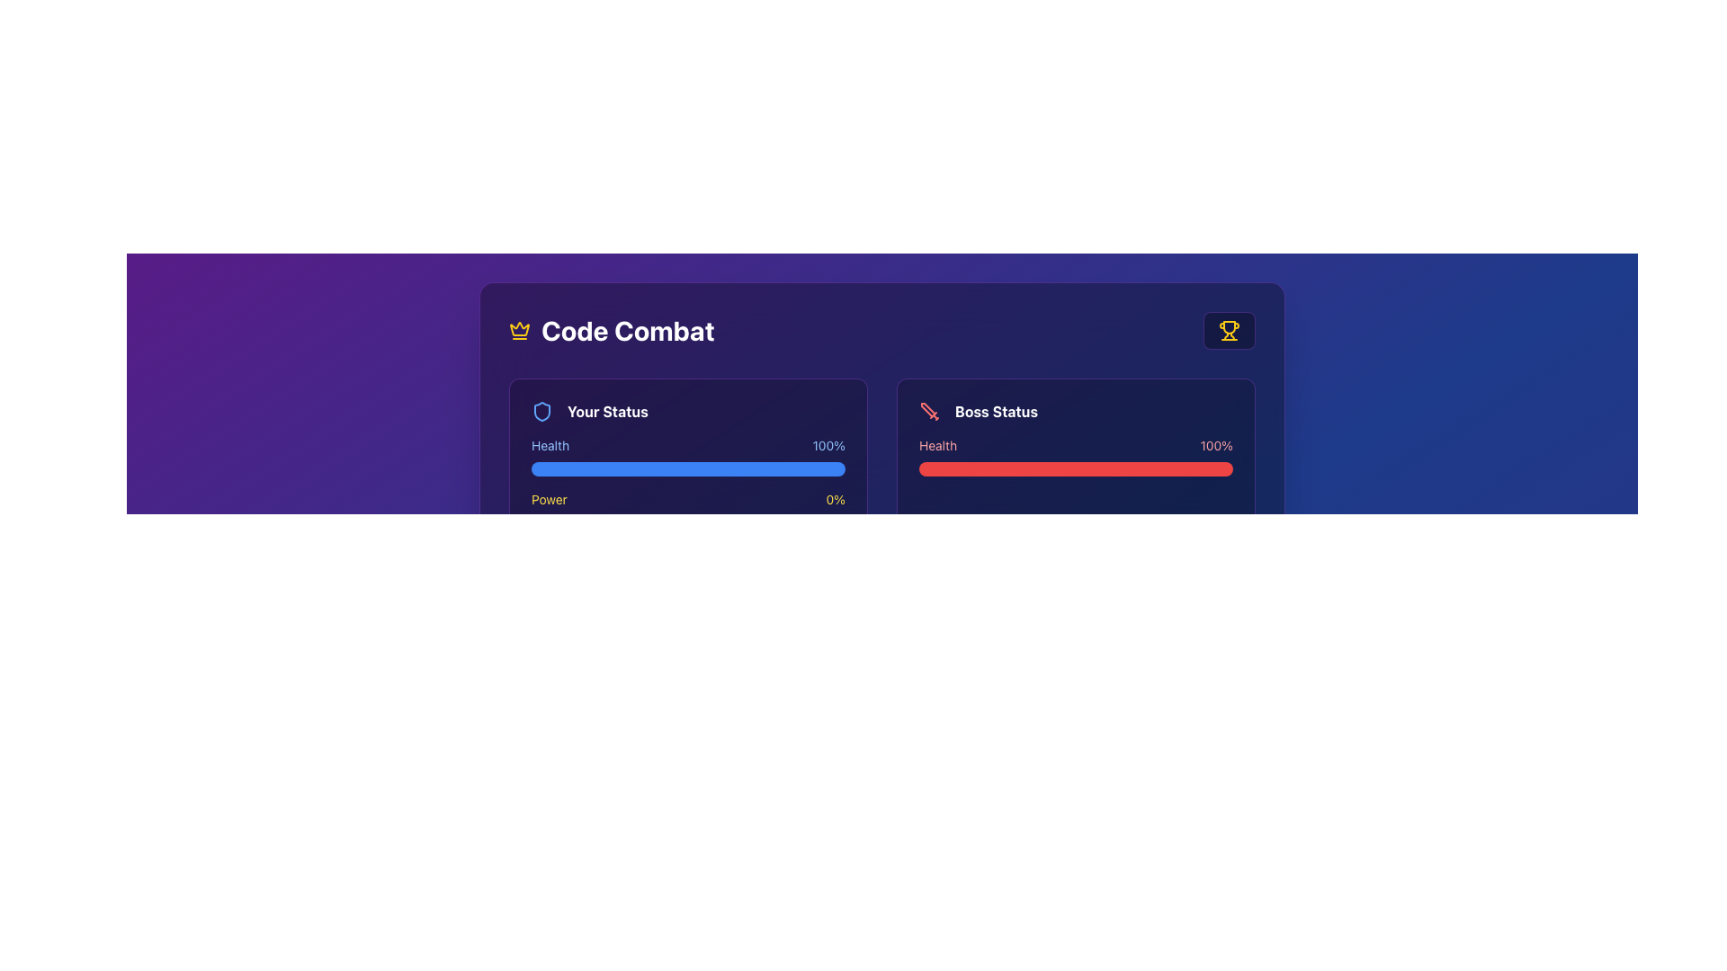  What do you see at coordinates (687, 523) in the screenshot?
I see `the Progress bar that visually represents the player's power level, located below the 'Power 0%' label in the 'Your Status' panel of the 'Code Combat' interface` at bounding box center [687, 523].